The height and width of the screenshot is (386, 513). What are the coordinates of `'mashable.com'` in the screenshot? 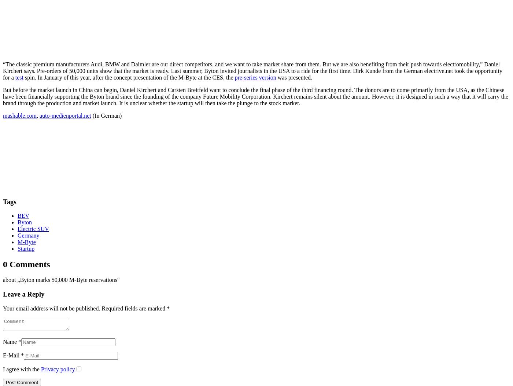 It's located at (19, 115).